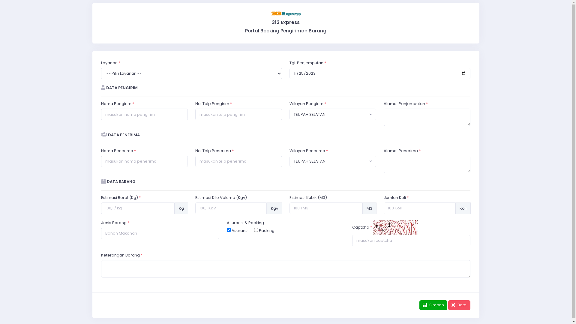 The height and width of the screenshot is (324, 576). Describe the element at coordinates (459, 305) in the screenshot. I see `'Batal'` at that location.